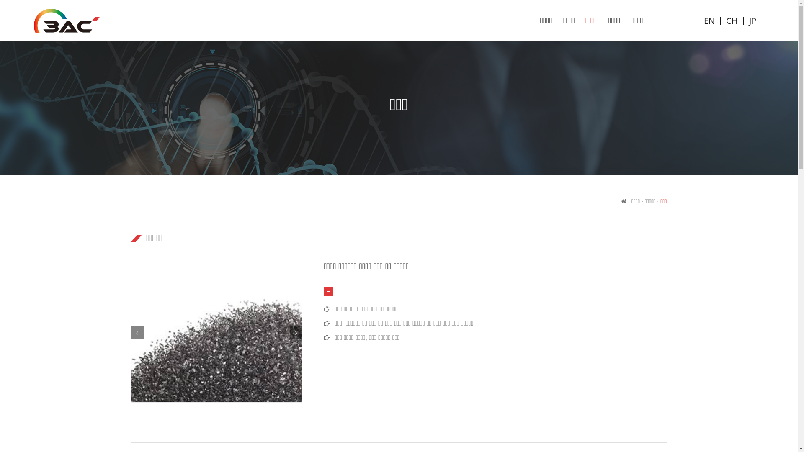  What do you see at coordinates (698, 21) in the screenshot?
I see `'EN'` at bounding box center [698, 21].